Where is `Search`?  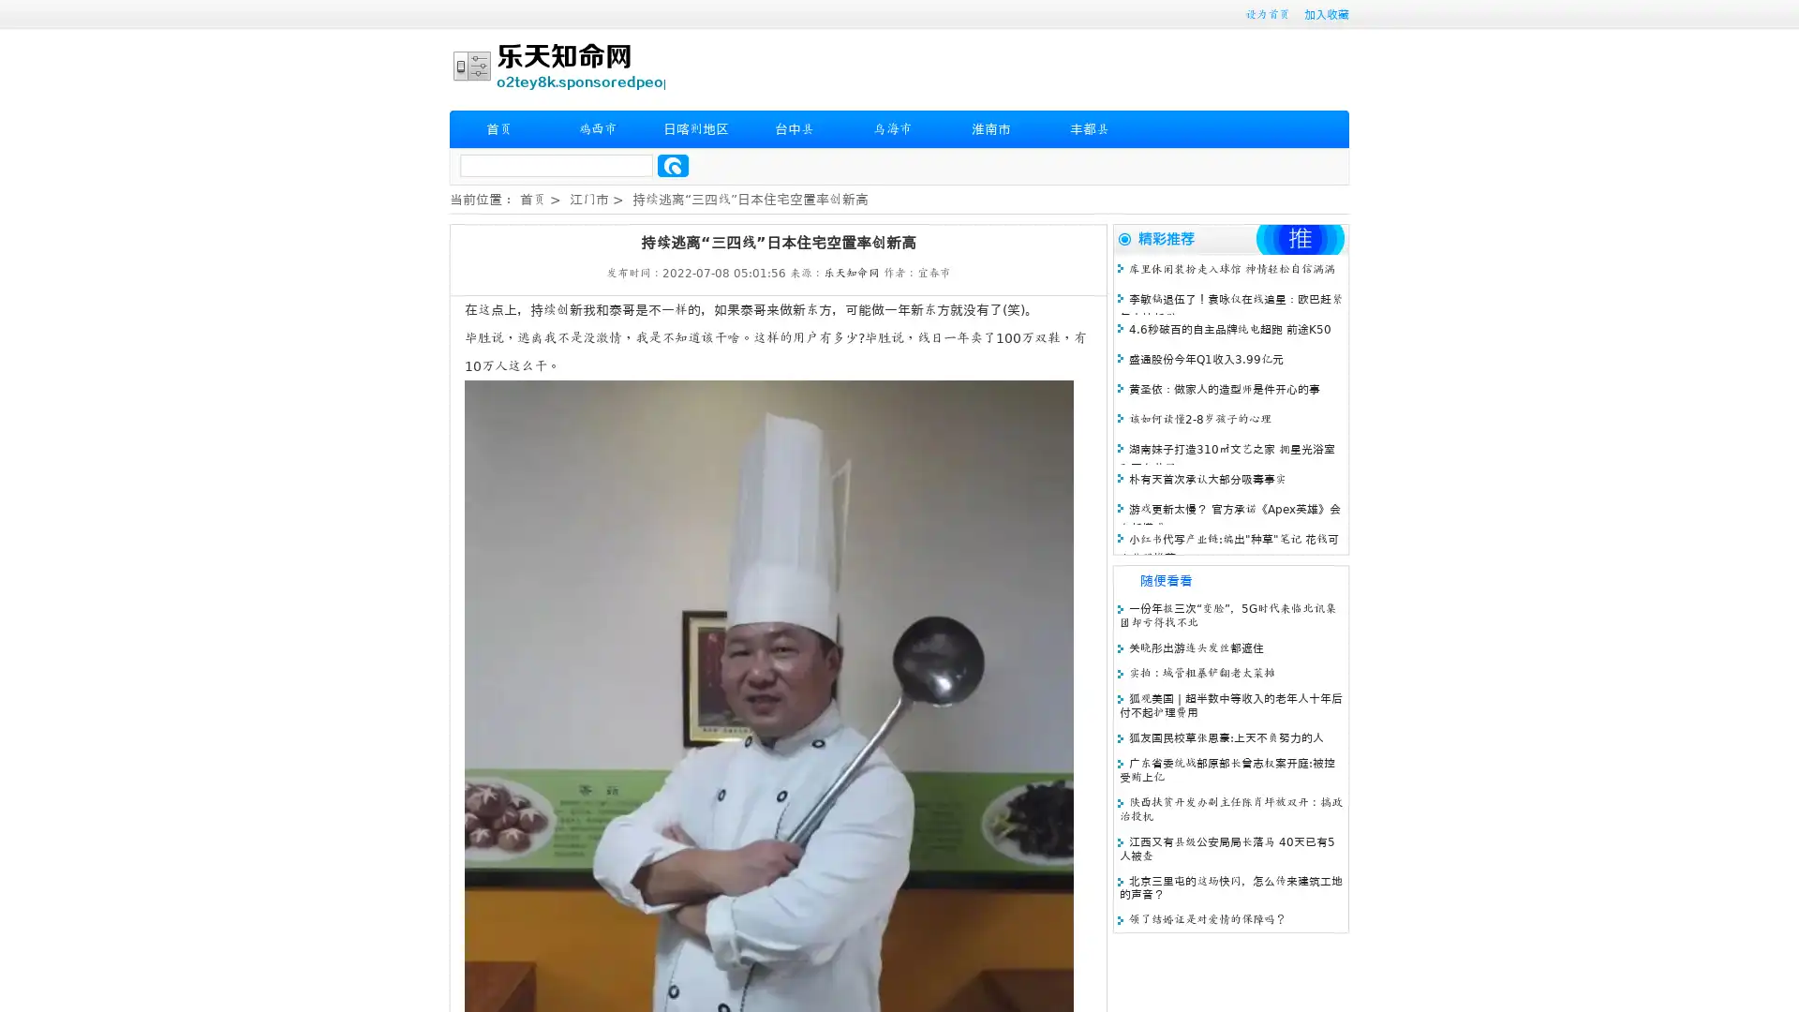 Search is located at coordinates (673, 165).